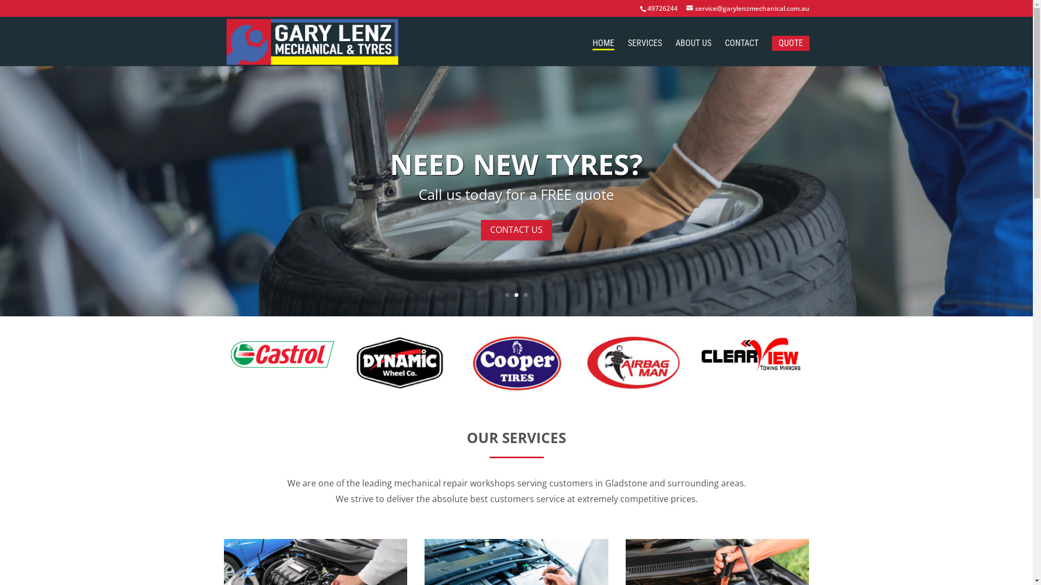 The height and width of the screenshot is (585, 1041). What do you see at coordinates (506, 295) in the screenshot?
I see `'1'` at bounding box center [506, 295].